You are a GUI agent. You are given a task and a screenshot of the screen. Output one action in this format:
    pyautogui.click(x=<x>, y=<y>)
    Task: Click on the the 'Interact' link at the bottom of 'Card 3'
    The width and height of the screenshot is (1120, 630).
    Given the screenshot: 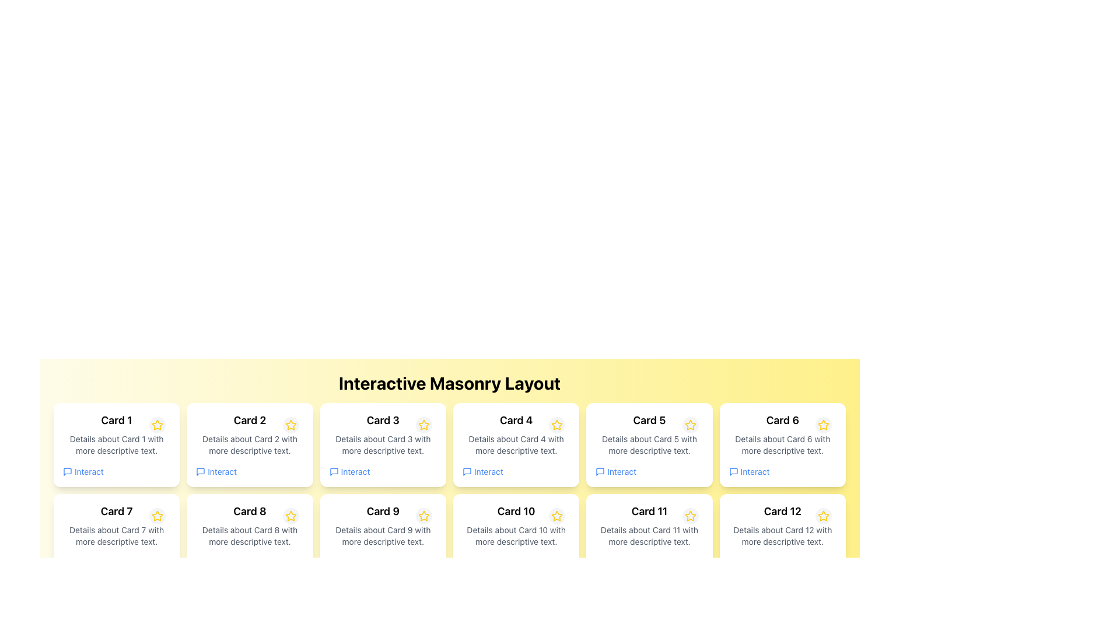 What is the action you would take?
    pyautogui.click(x=349, y=471)
    